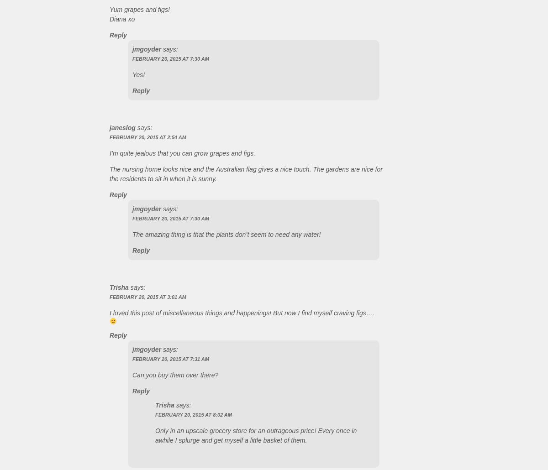 The height and width of the screenshot is (470, 548). Describe the element at coordinates (148, 136) in the screenshot. I see `'February 20, 2015 at 2:54 AM'` at that location.